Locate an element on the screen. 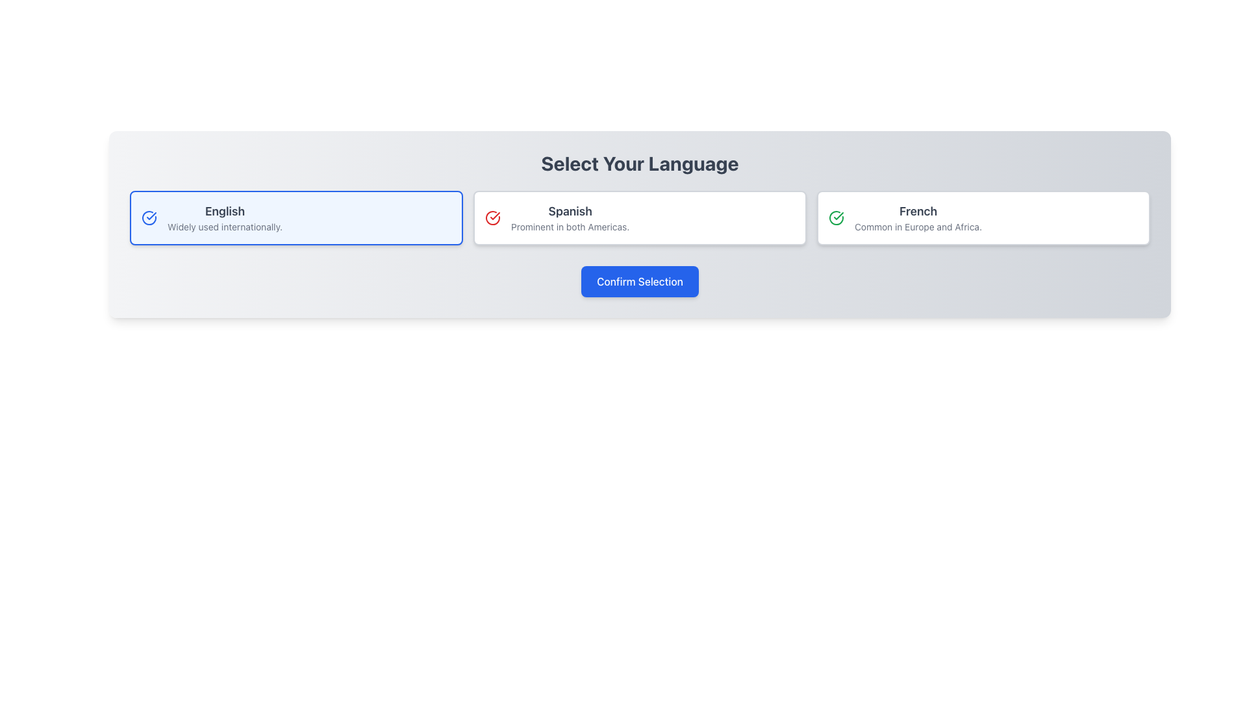 Image resolution: width=1247 pixels, height=701 pixels. the confirmation button located at the bottom of the language selection options to confirm the user's choice of language is located at coordinates (640, 281).